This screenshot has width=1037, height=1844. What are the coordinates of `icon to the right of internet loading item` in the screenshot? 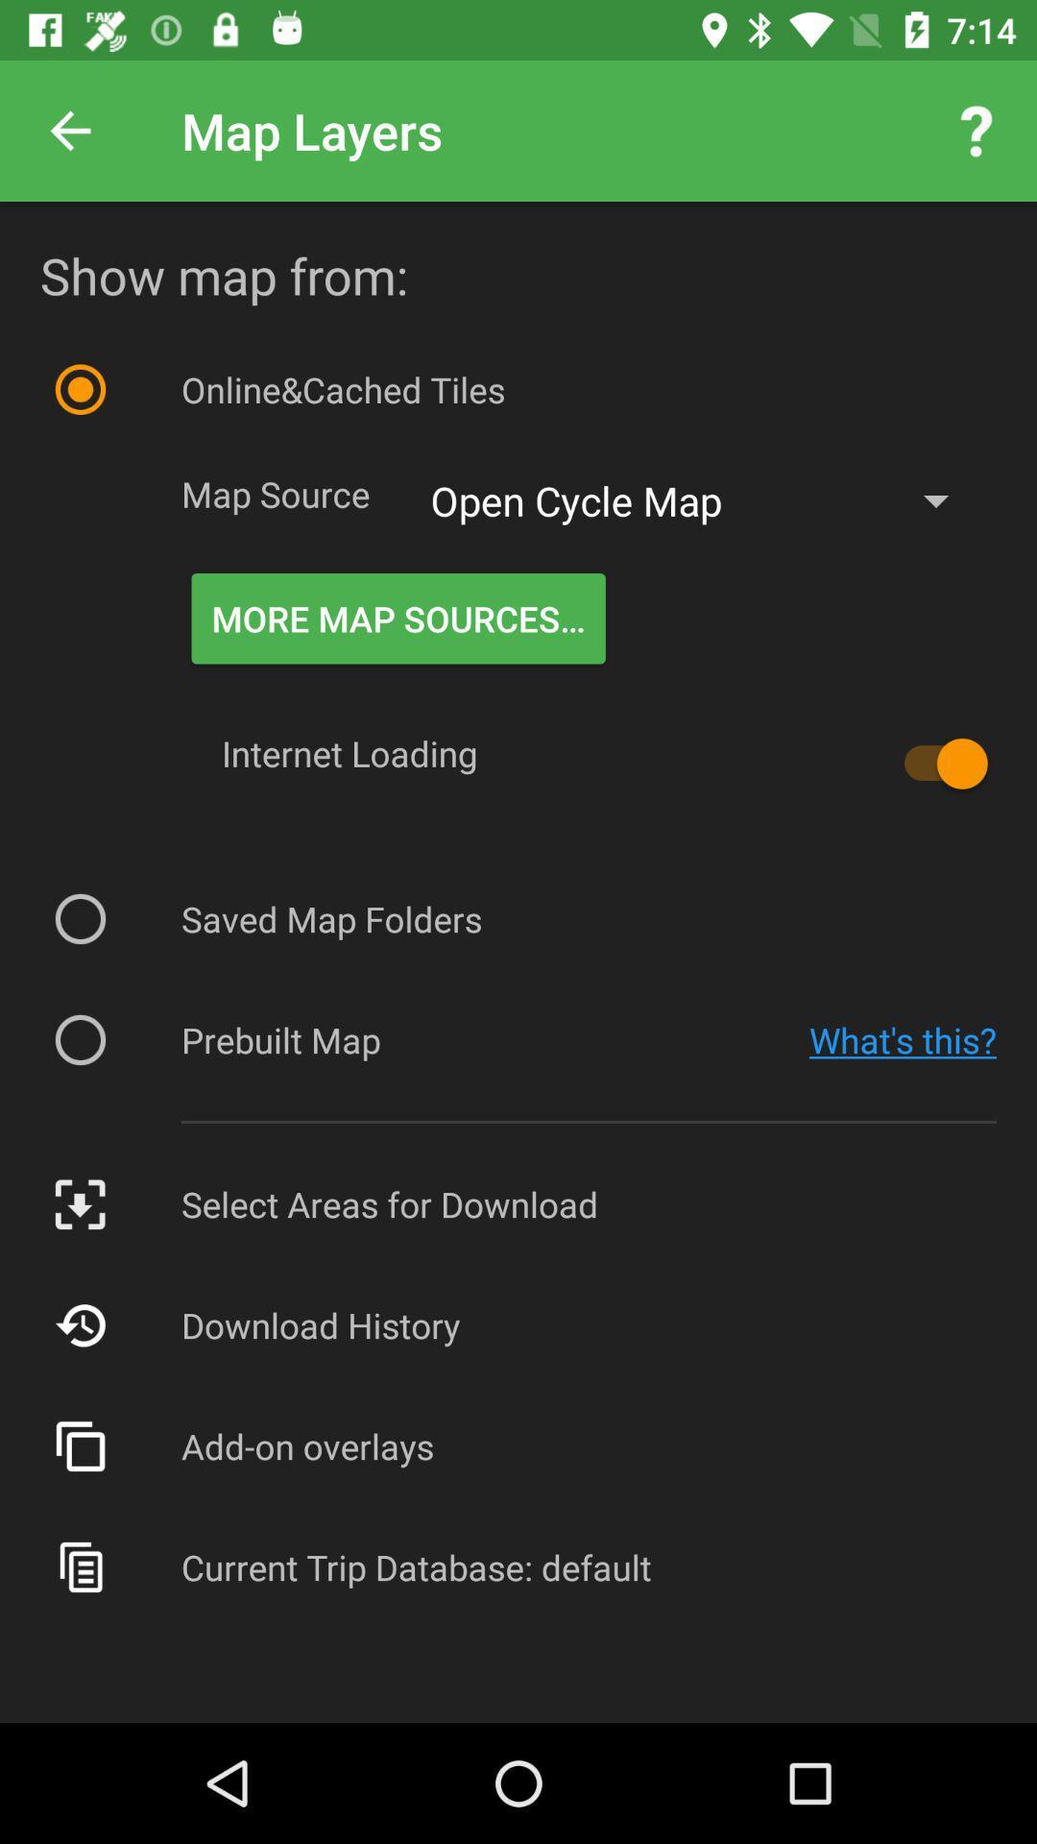 It's located at (935, 763).